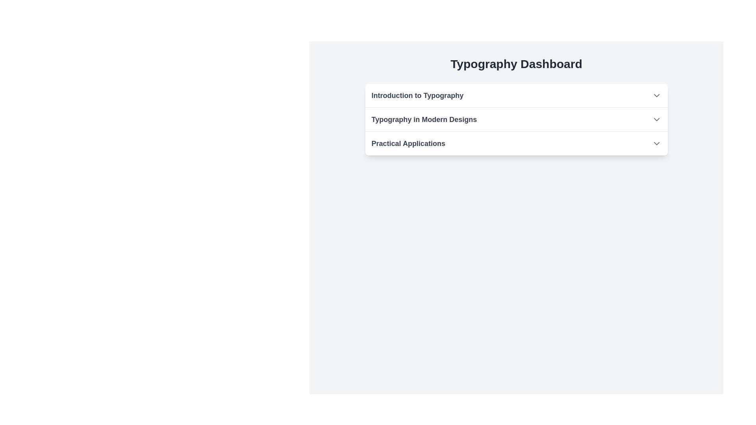 This screenshot has height=425, width=756. What do you see at coordinates (656, 120) in the screenshot?
I see `the Chevron icon located to the right of the 'Typography in Modern Designs' text` at bounding box center [656, 120].